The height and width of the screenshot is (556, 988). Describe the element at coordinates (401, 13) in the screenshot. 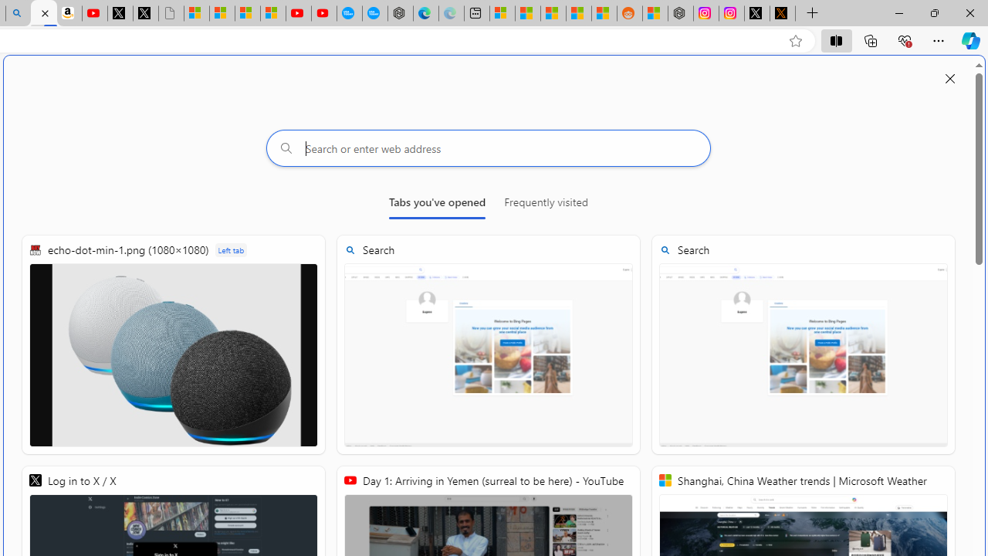

I see `'Nordace - Nordace has arrived Hong Kong'` at that location.